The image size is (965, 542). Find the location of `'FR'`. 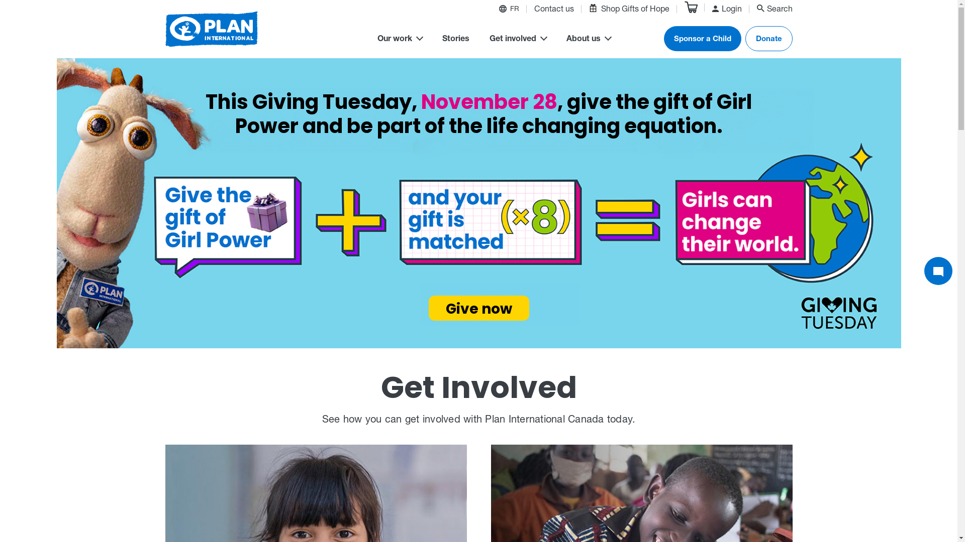

'FR' is located at coordinates (514, 10).